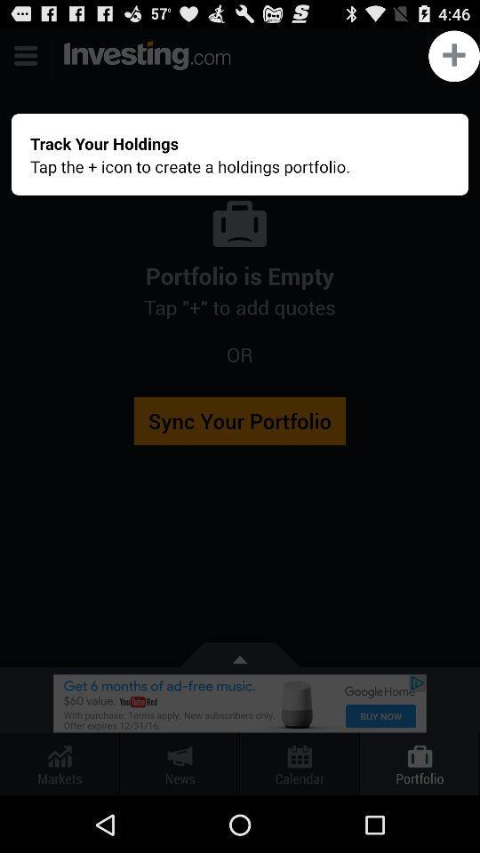 This screenshot has height=853, width=480. Describe the element at coordinates (240, 412) in the screenshot. I see `item at the center` at that location.